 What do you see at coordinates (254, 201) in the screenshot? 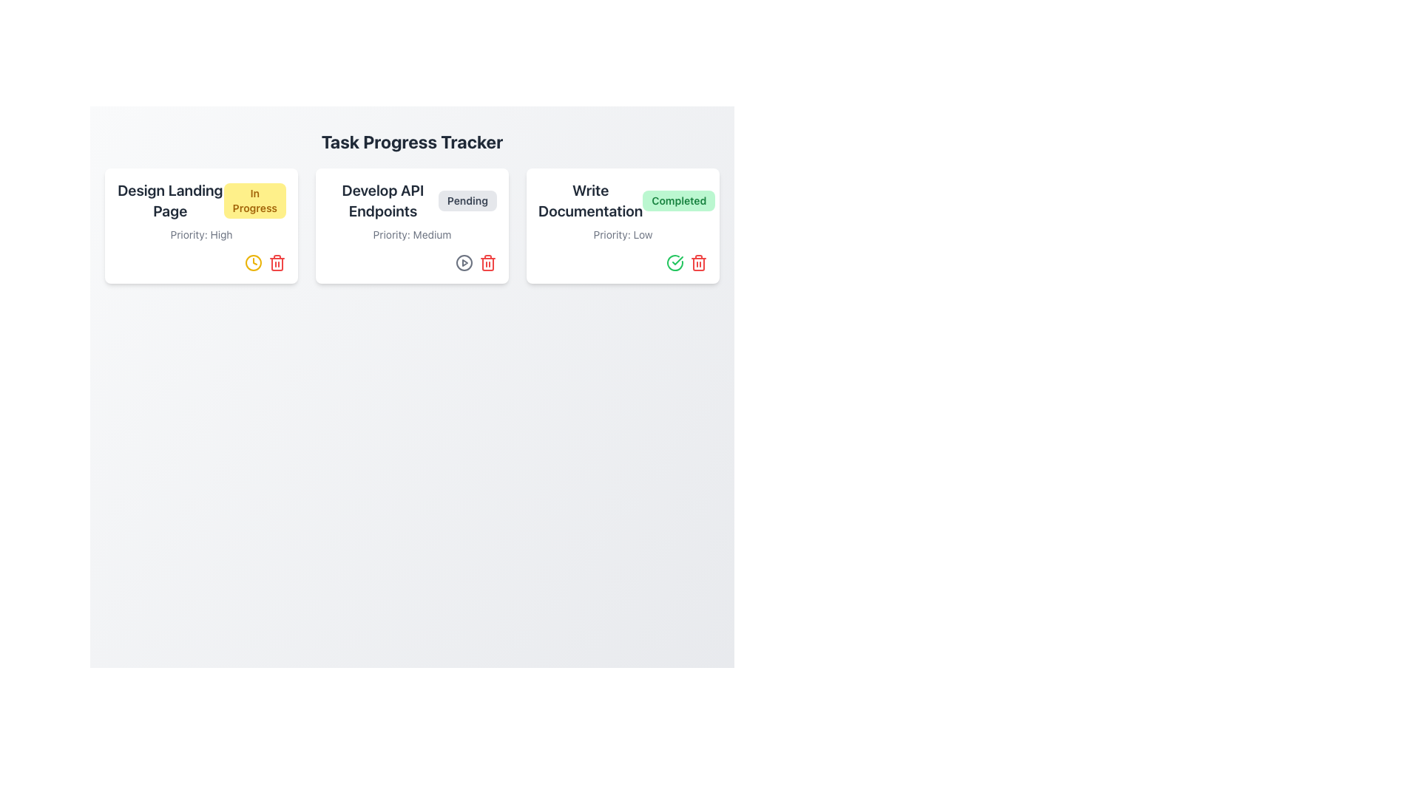
I see `the rectangular badge with rounded corners that displays the text 'In Progress' in a light yellow background, located adjacent to the task title 'Design Landing Page' within the first task card` at bounding box center [254, 201].